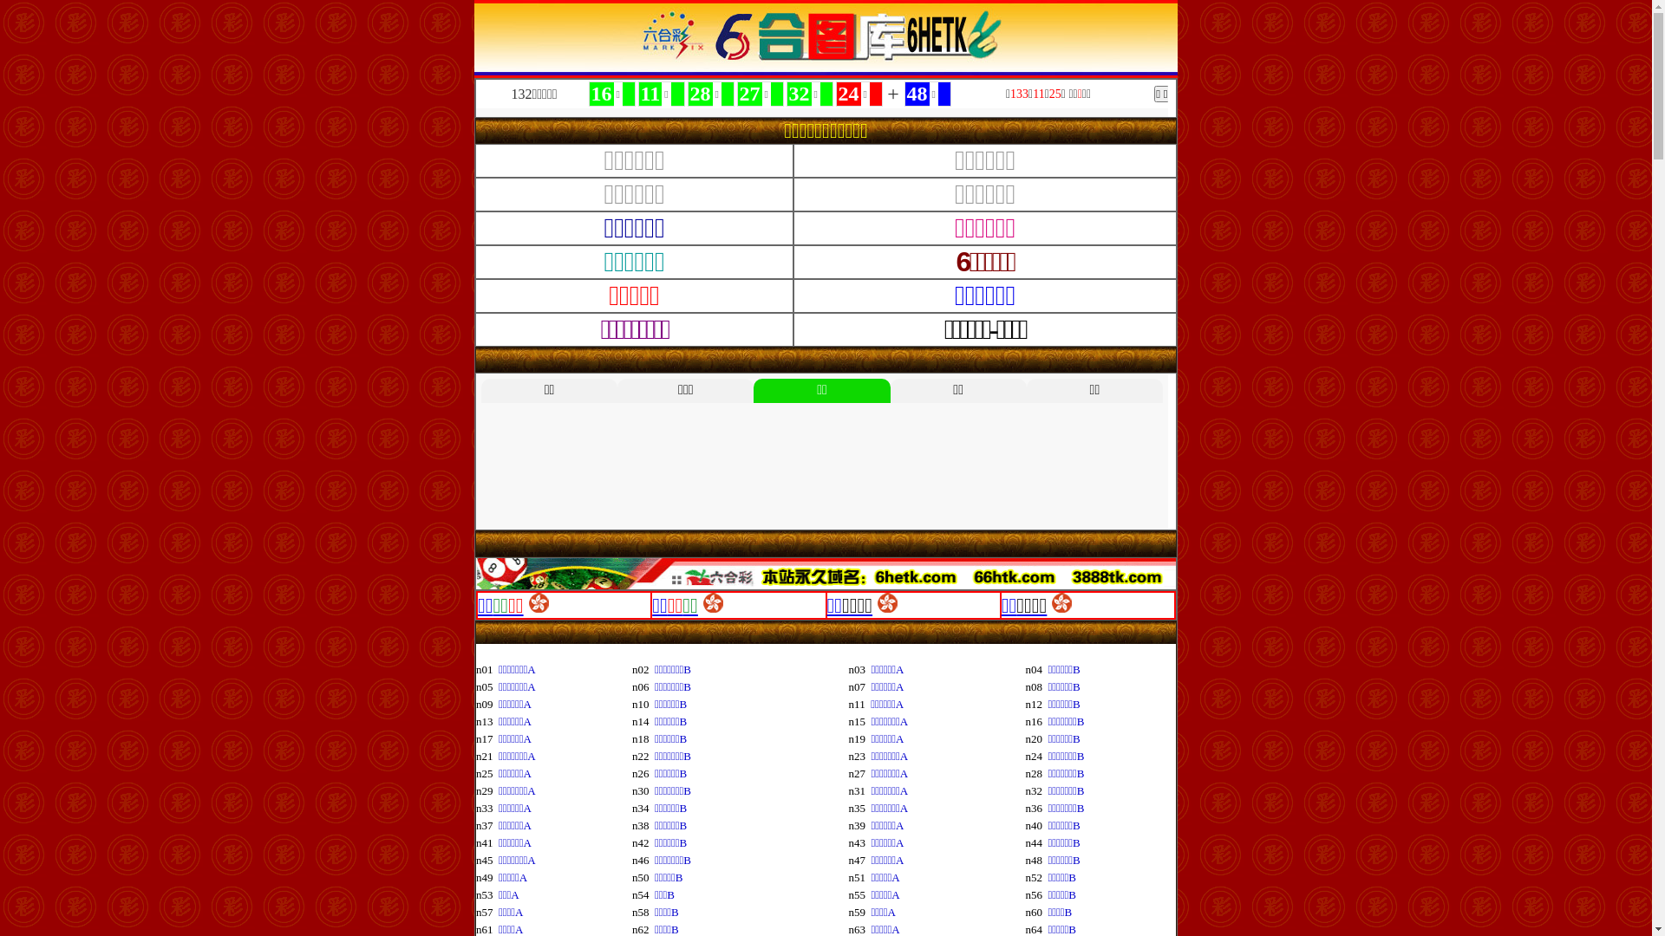  What do you see at coordinates (486, 860) in the screenshot?
I see `'n45 '` at bounding box center [486, 860].